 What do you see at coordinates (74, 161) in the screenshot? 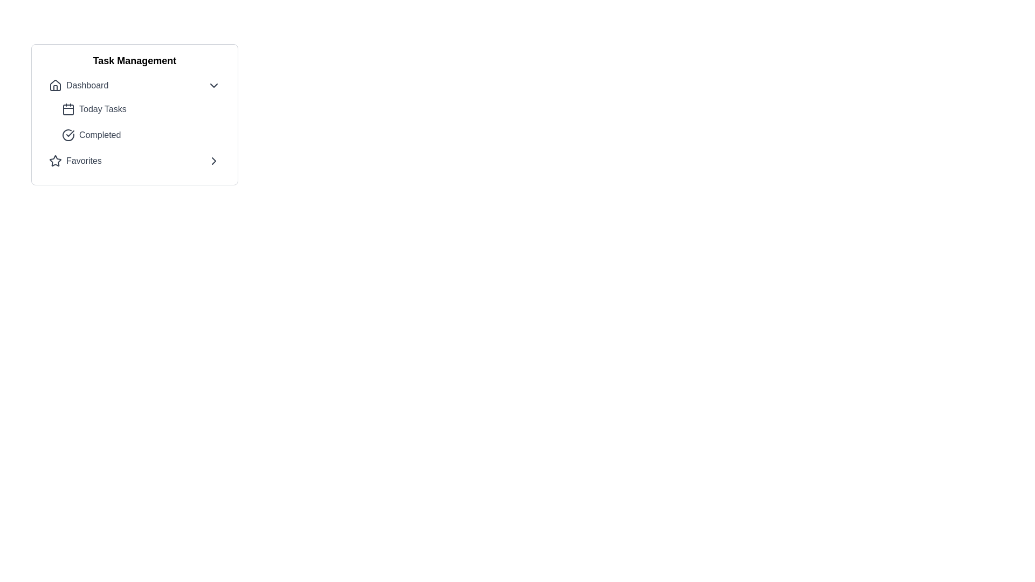
I see `the fourth item in the 'Task Management' section of the navigation menu, which is related to 'Favorites'` at bounding box center [74, 161].